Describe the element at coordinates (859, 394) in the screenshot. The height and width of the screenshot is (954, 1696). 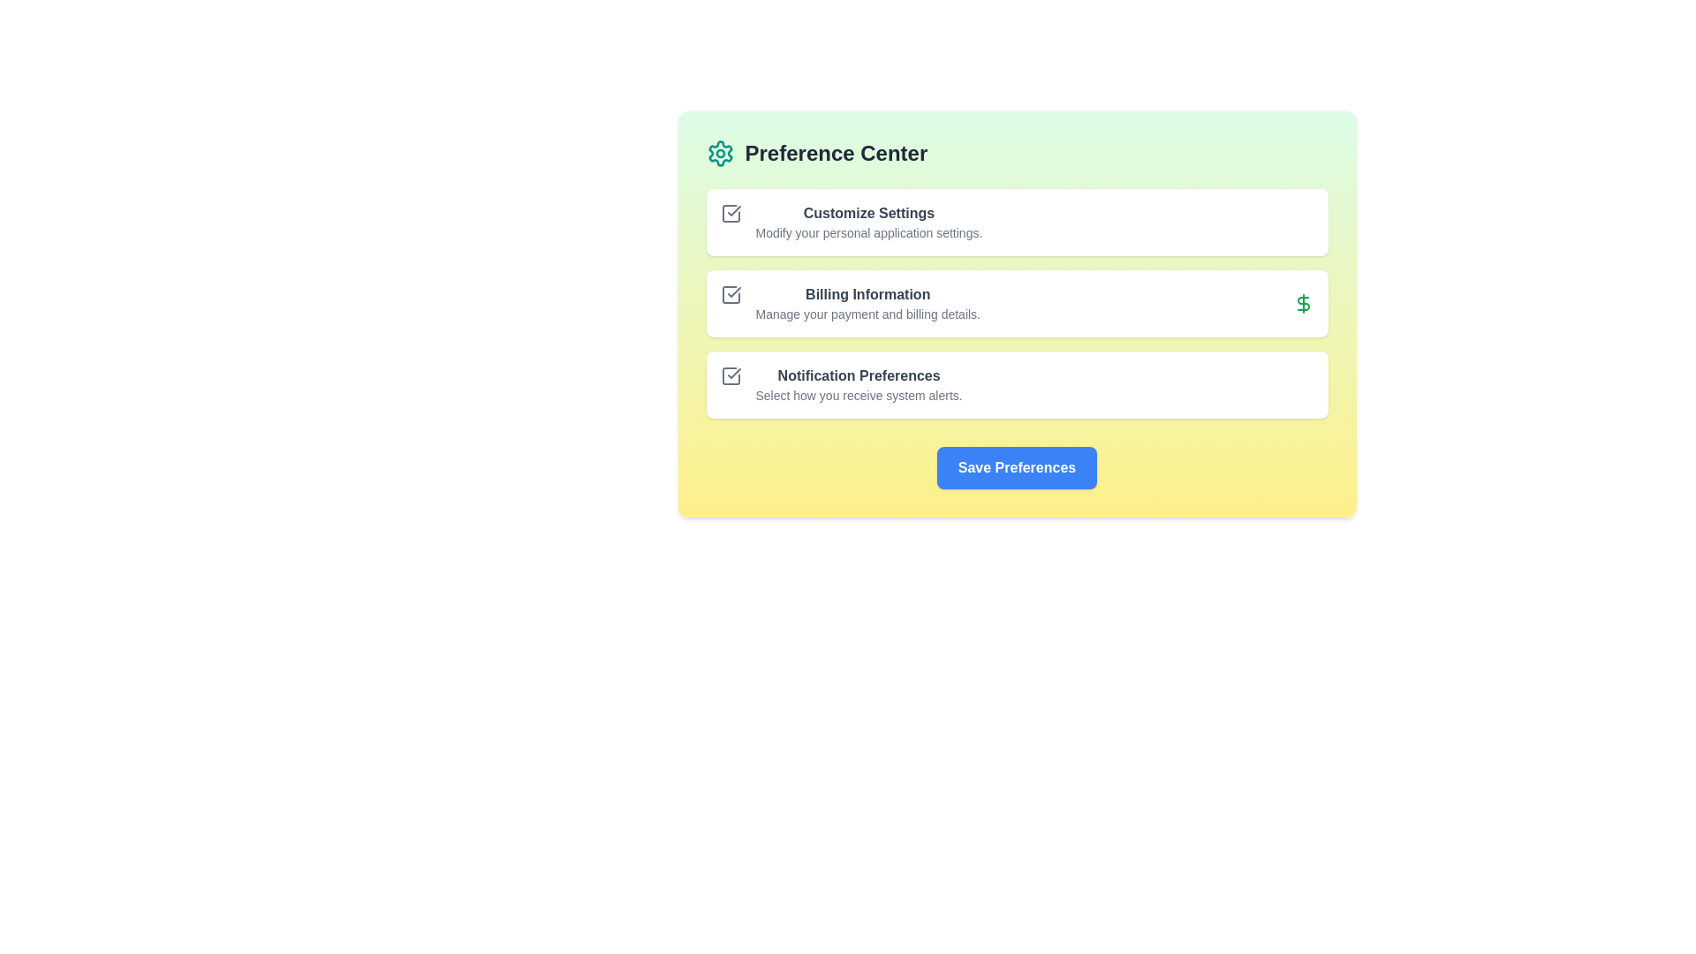
I see `the static informational text that reads 'Select how you receive system alerts.' located beneath the 'Notification Preferences' title in the preference panel` at that location.